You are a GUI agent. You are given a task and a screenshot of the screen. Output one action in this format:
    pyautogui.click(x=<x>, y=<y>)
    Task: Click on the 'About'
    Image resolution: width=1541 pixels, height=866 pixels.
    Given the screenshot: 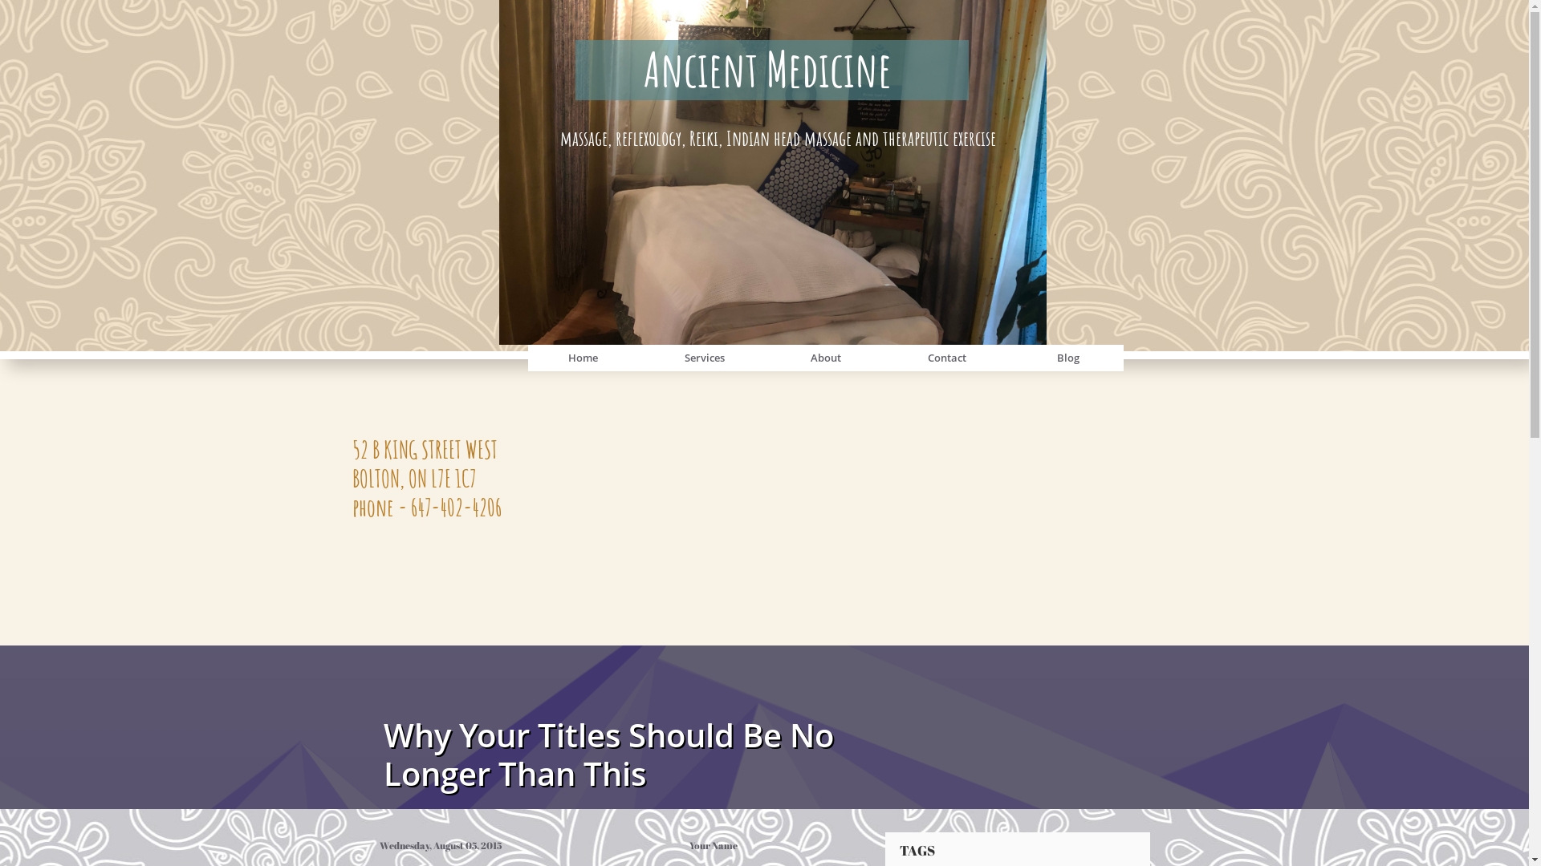 What is the action you would take?
    pyautogui.click(x=825, y=357)
    